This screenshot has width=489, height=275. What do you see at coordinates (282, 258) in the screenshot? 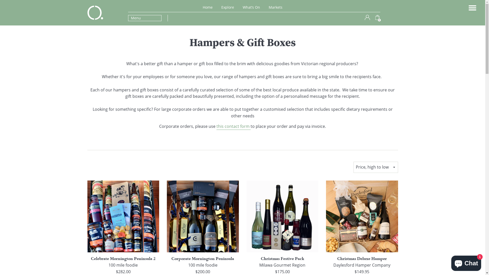
I see `'Christmas Festive Pack'` at bounding box center [282, 258].